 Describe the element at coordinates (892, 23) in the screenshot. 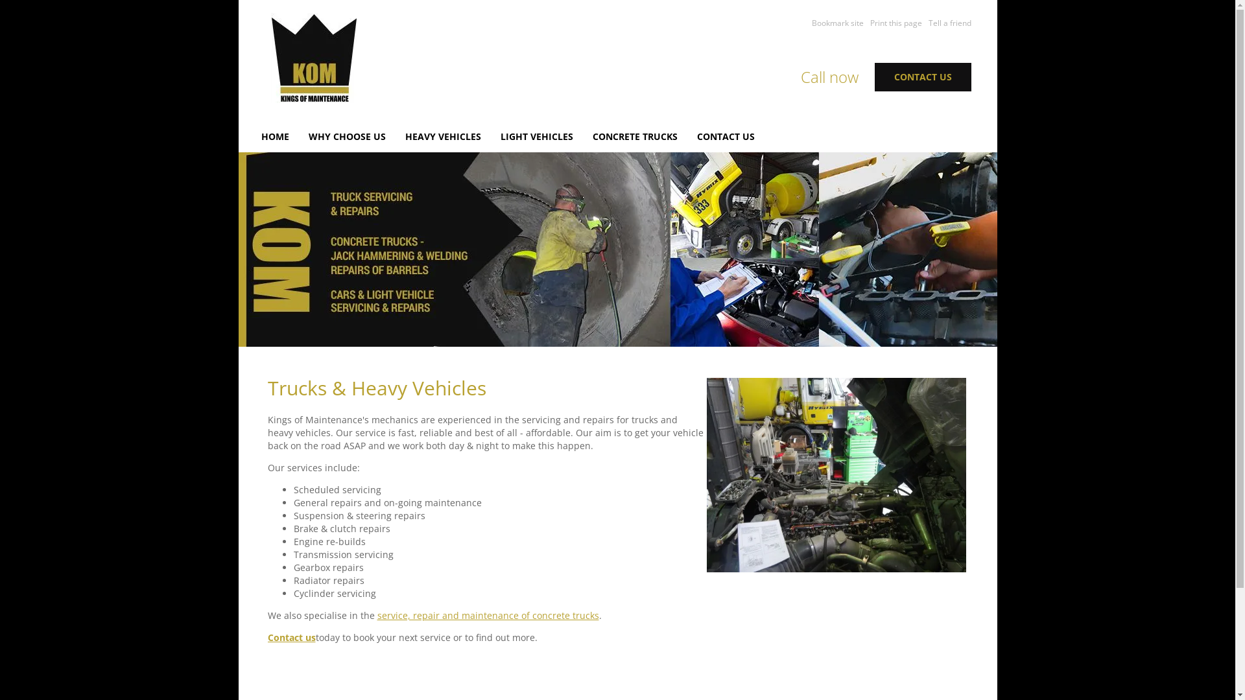

I see `'Print this page'` at that location.